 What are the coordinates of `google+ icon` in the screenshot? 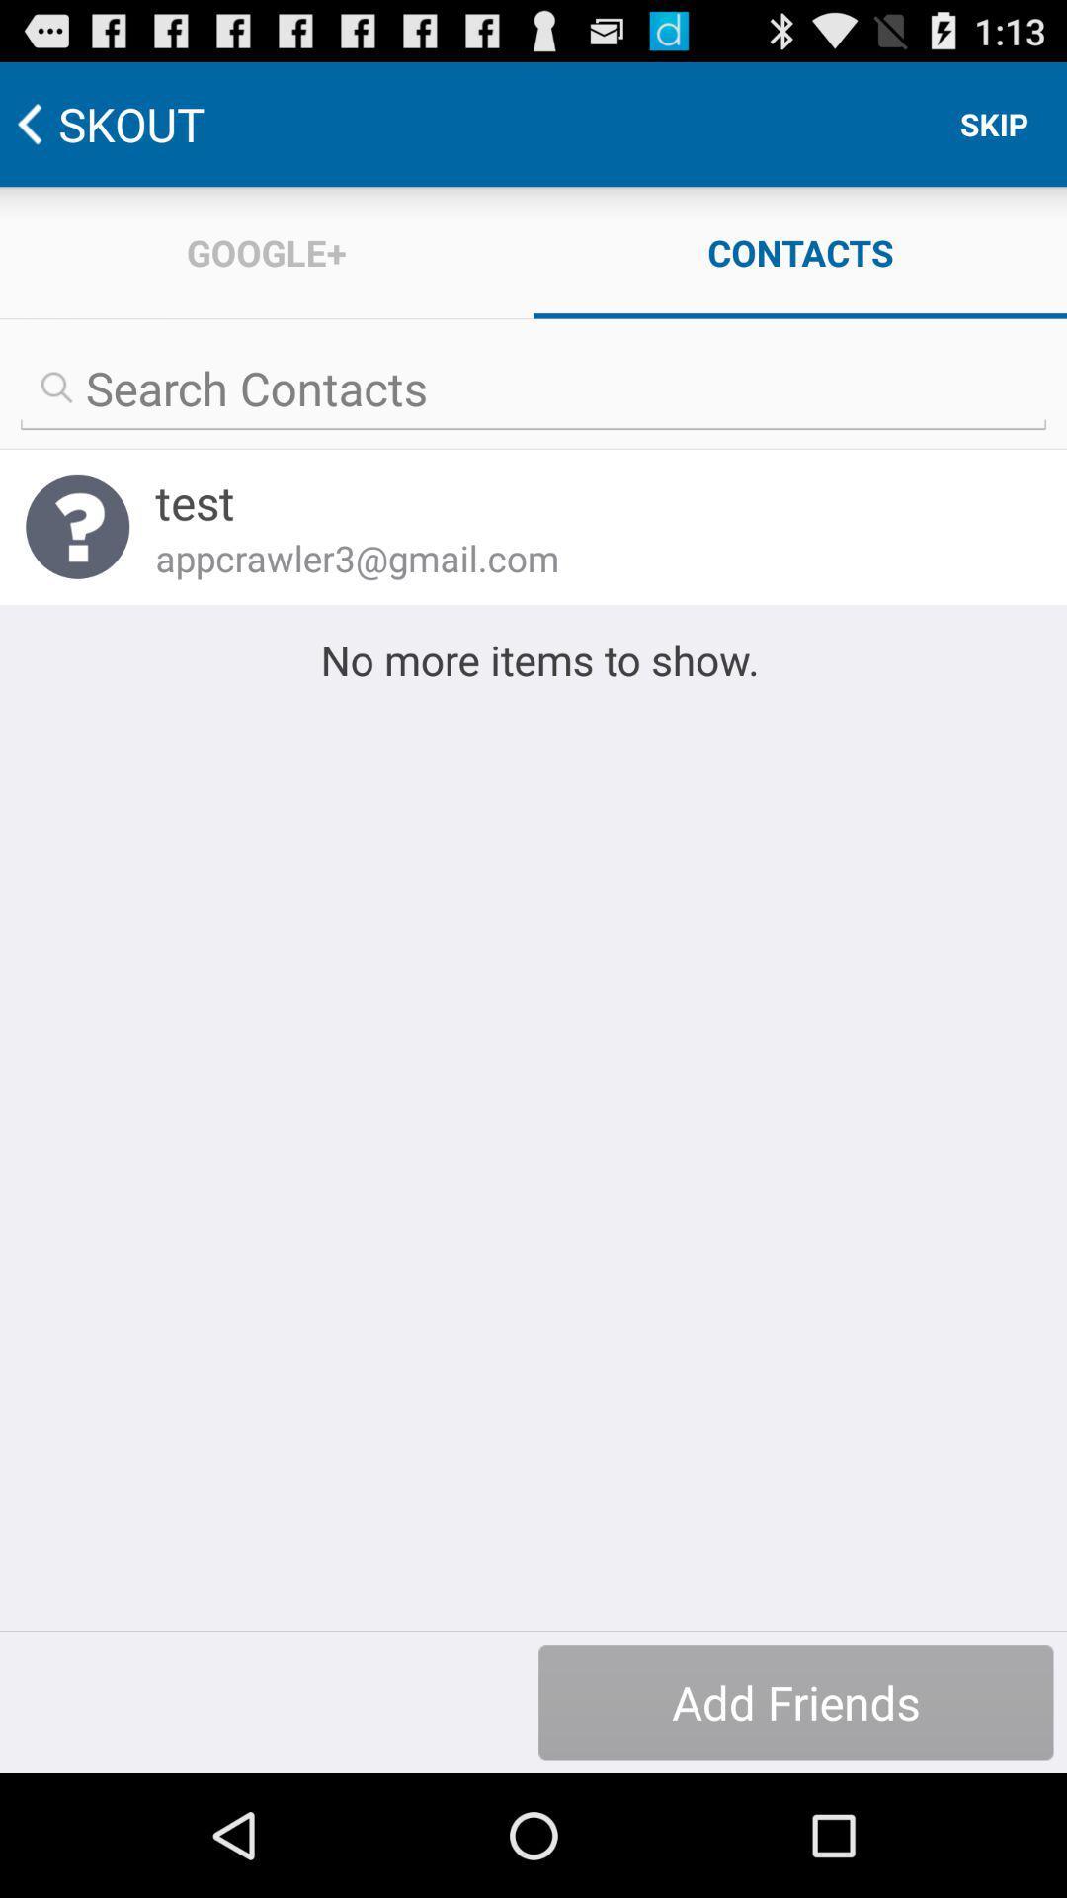 It's located at (267, 251).